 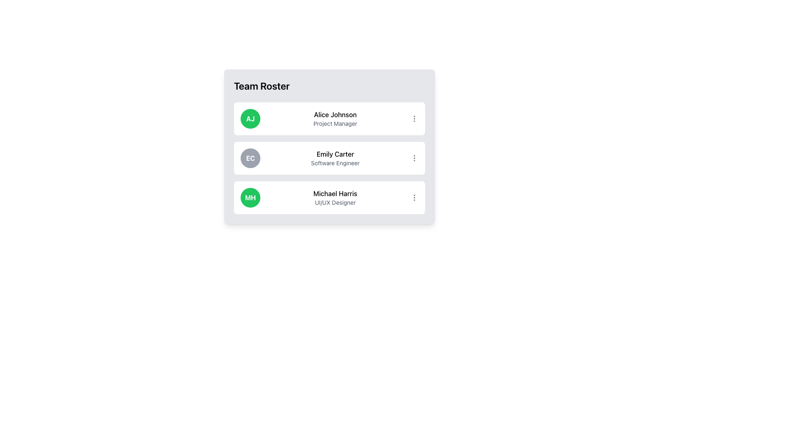 What do you see at coordinates (414, 198) in the screenshot?
I see `the vertical ellipsis icon located at the rightmost edge of Michael Harris's UI card` at bounding box center [414, 198].